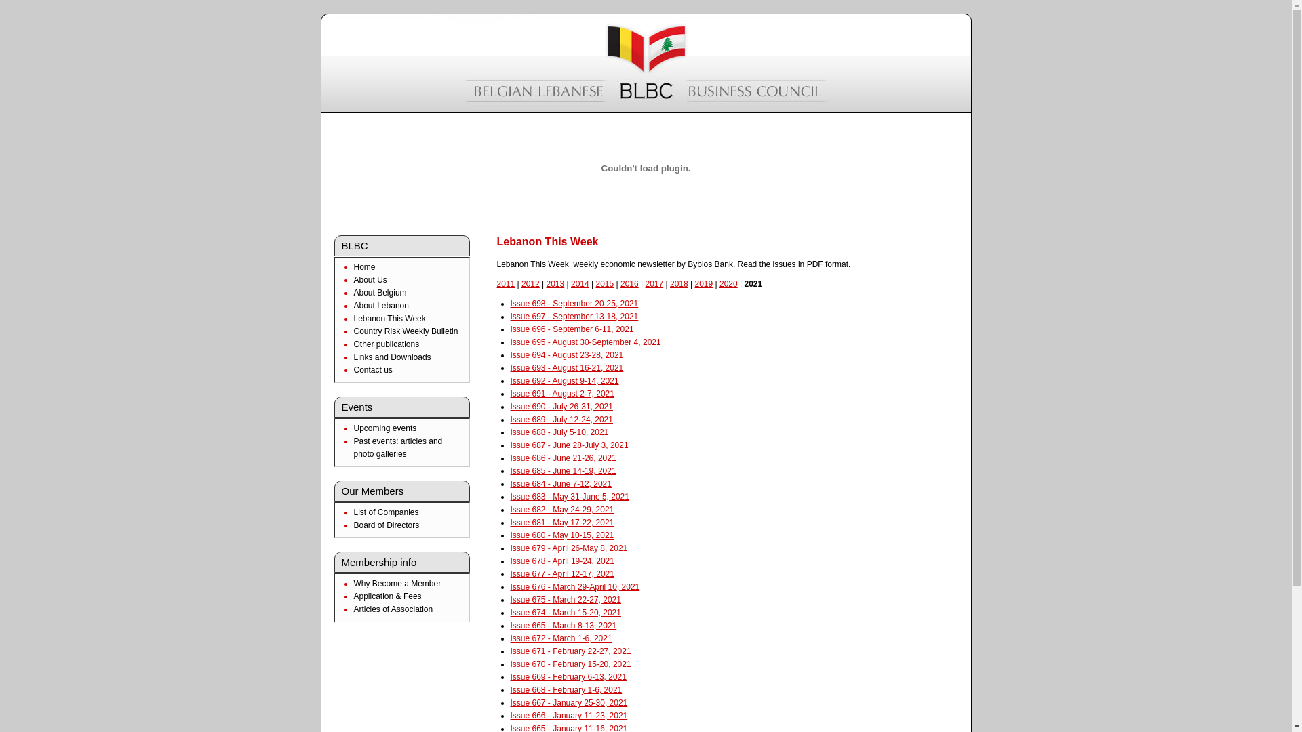 Image resolution: width=1302 pixels, height=732 pixels. I want to click on 'Issue 681 - May 17-22, 2021', so click(561, 522).